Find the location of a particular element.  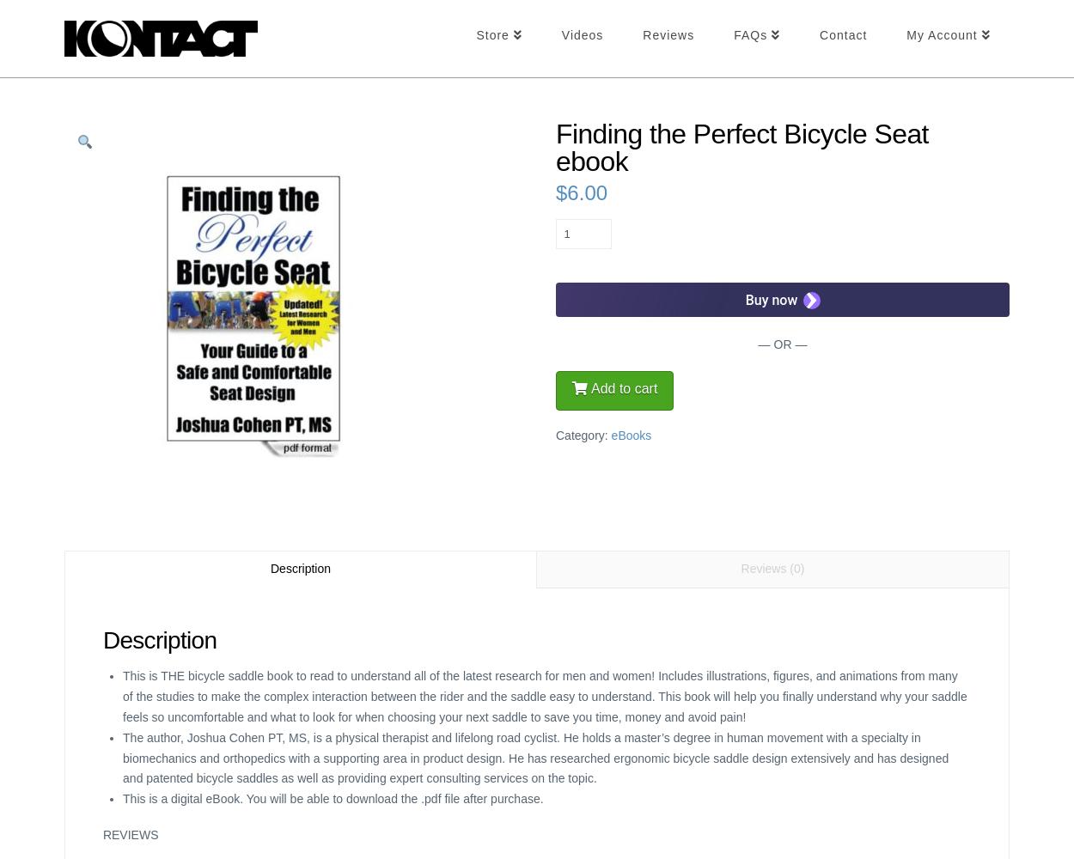

'Reviews (0)' is located at coordinates (740, 568).